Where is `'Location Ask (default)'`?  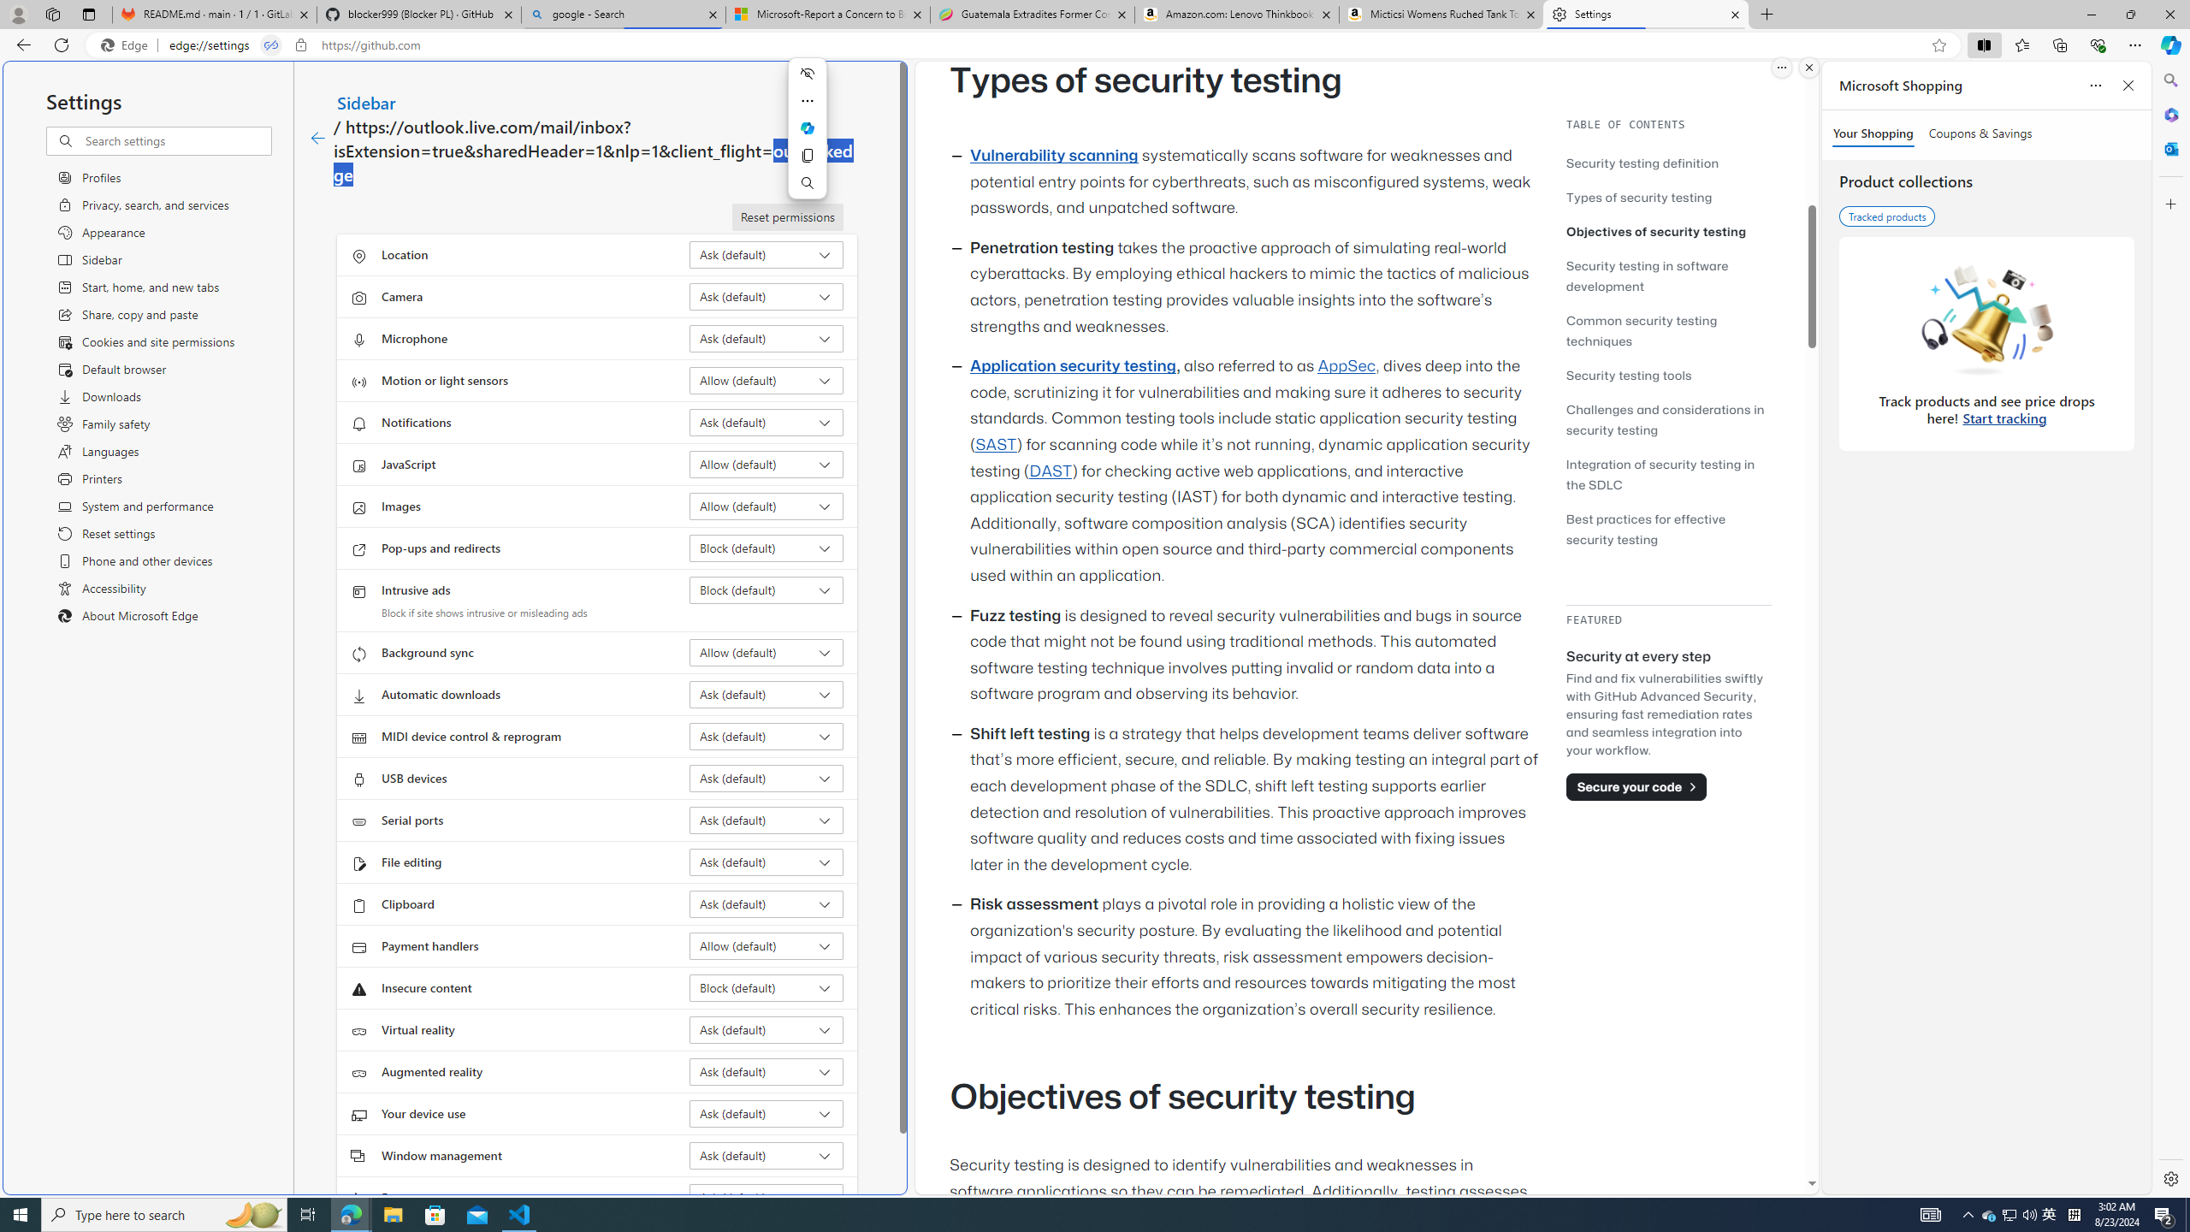
'Location Ask (default)' is located at coordinates (766, 255).